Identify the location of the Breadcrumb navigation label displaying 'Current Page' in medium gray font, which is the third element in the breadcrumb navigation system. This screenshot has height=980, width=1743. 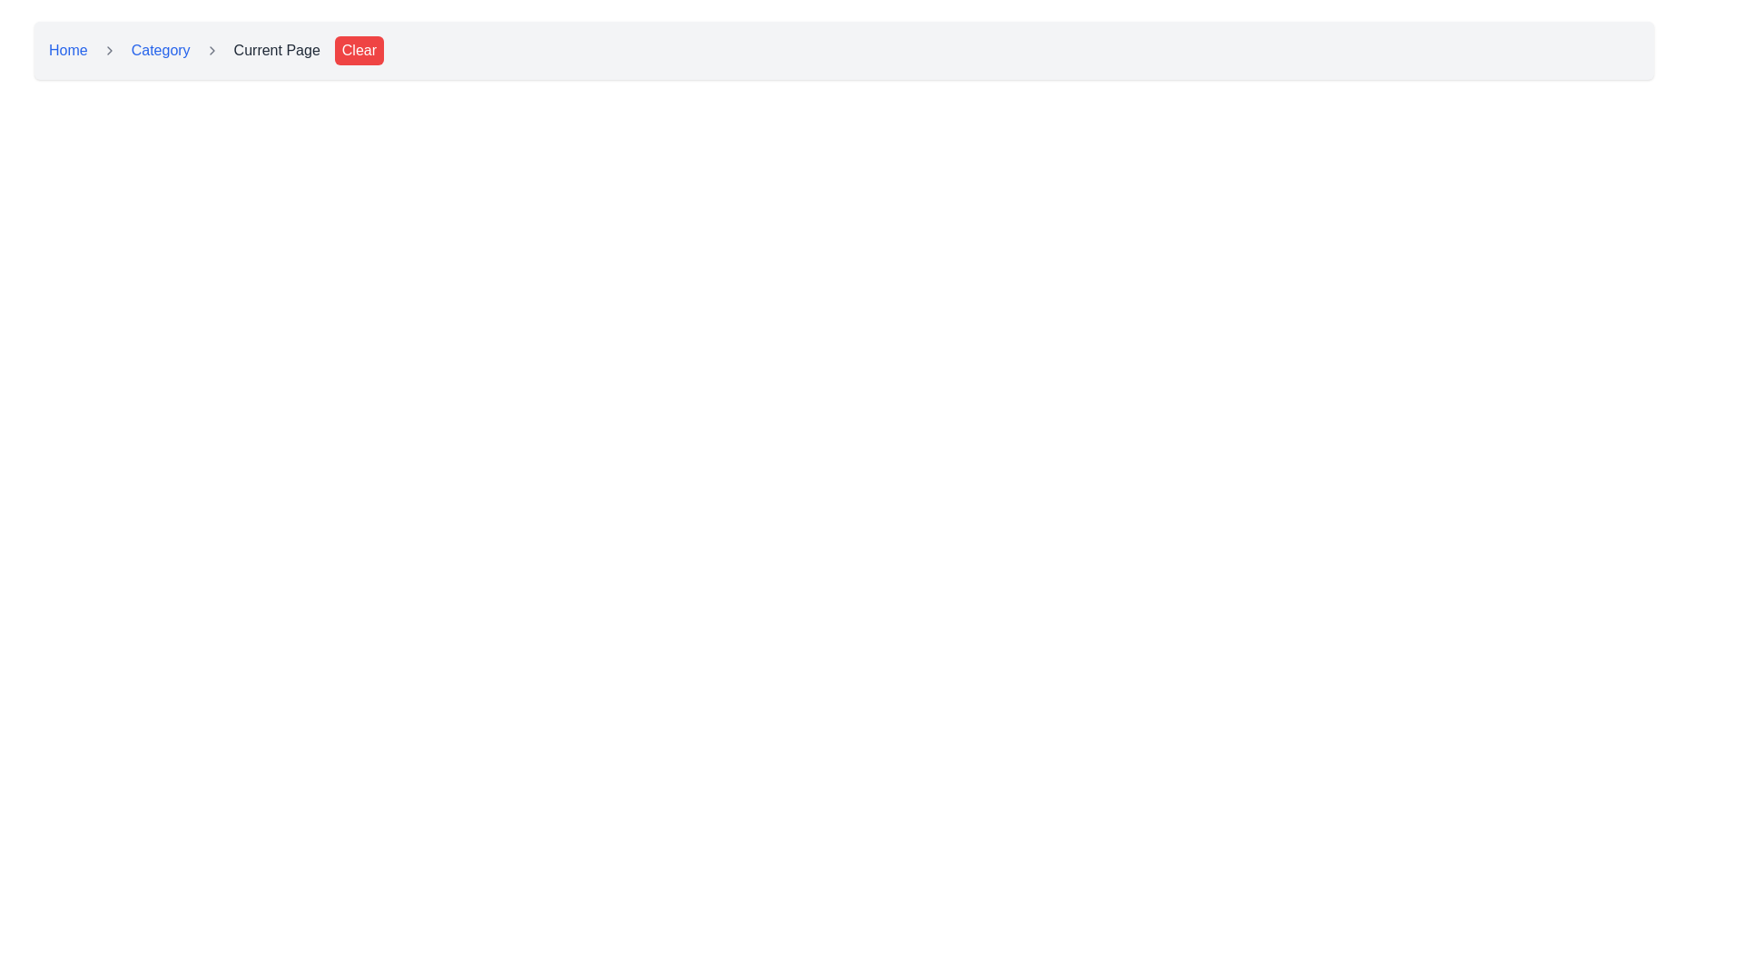
(276, 50).